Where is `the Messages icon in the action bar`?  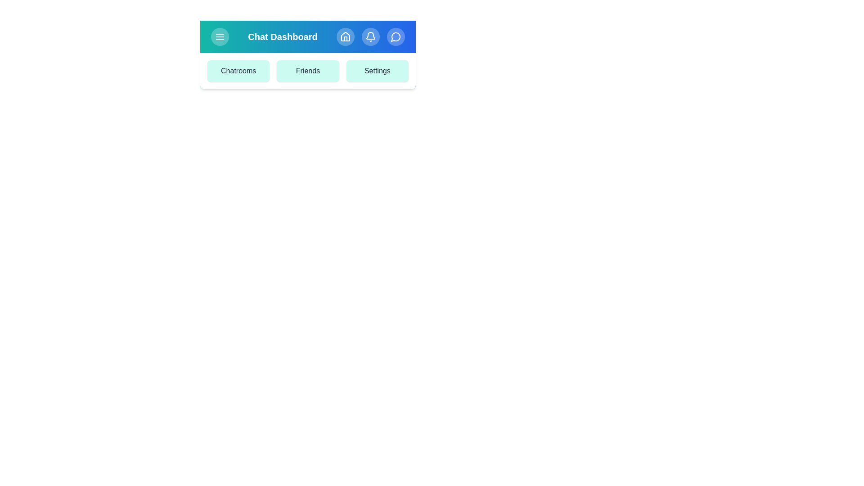
the Messages icon in the action bar is located at coordinates (396, 36).